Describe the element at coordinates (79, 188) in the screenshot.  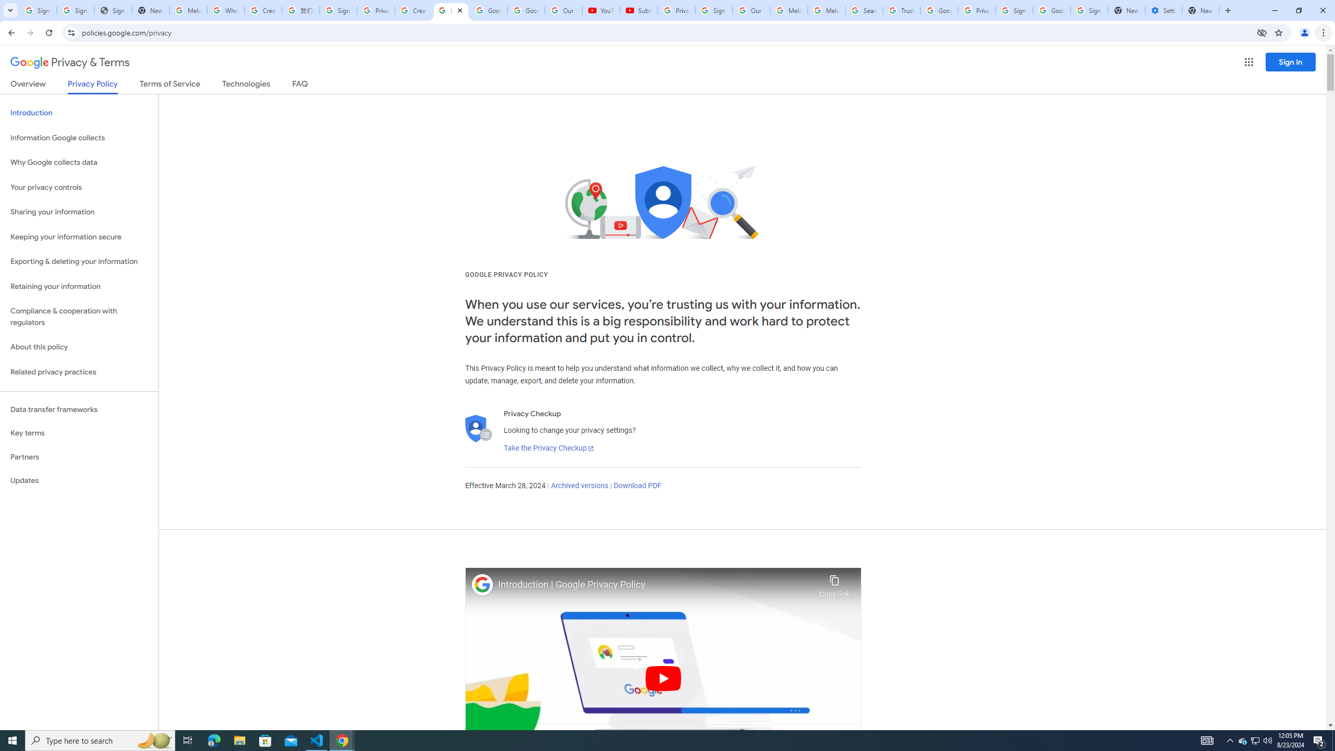
I see `'Your privacy controls'` at that location.